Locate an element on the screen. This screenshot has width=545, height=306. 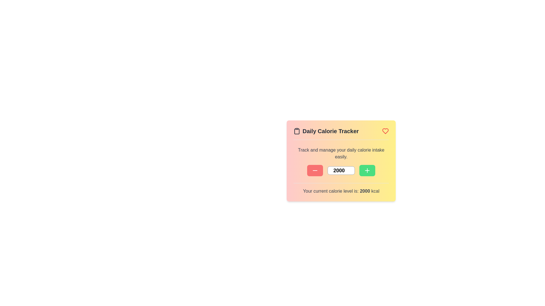
inside the numeric input box for tracking calorie intake levels, located at the center of the 'Daily Calorie Tracker' card is located at coordinates (341, 170).